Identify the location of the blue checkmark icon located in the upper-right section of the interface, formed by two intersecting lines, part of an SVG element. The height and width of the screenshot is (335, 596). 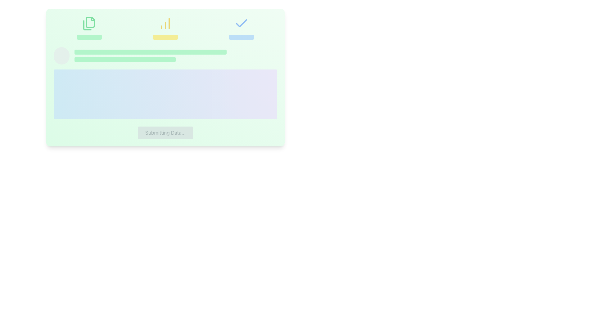
(241, 23).